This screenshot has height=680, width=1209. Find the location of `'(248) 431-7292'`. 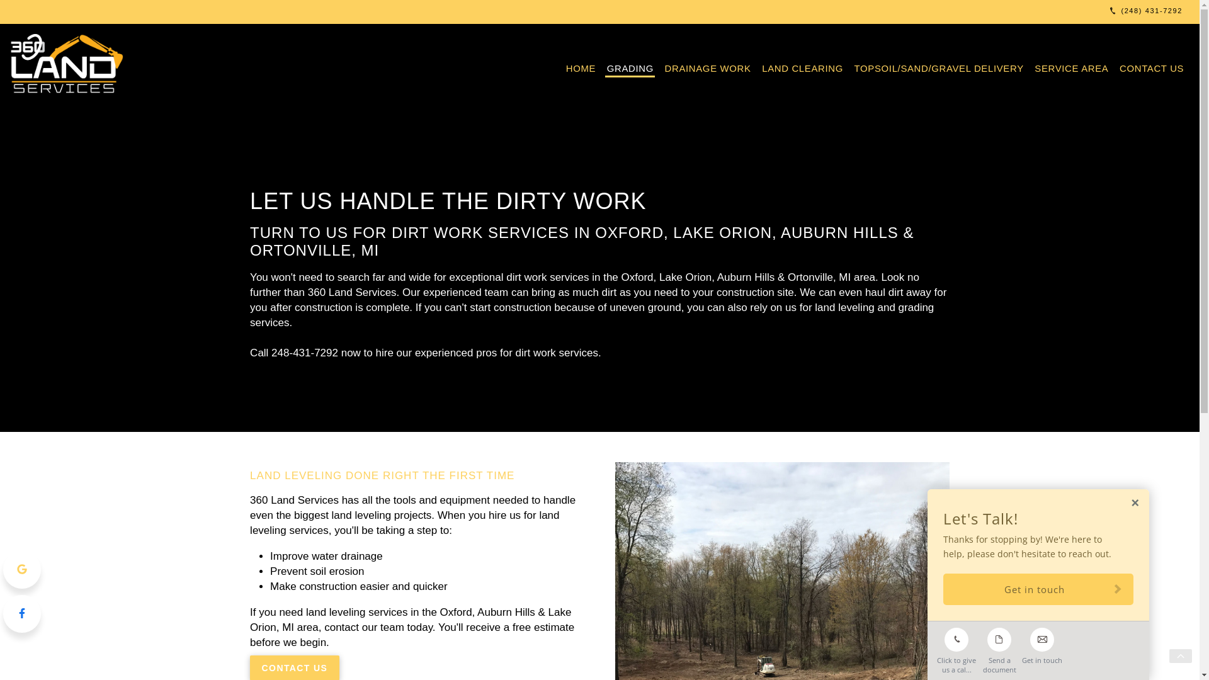

'(248) 431-7292' is located at coordinates (1100, 11).